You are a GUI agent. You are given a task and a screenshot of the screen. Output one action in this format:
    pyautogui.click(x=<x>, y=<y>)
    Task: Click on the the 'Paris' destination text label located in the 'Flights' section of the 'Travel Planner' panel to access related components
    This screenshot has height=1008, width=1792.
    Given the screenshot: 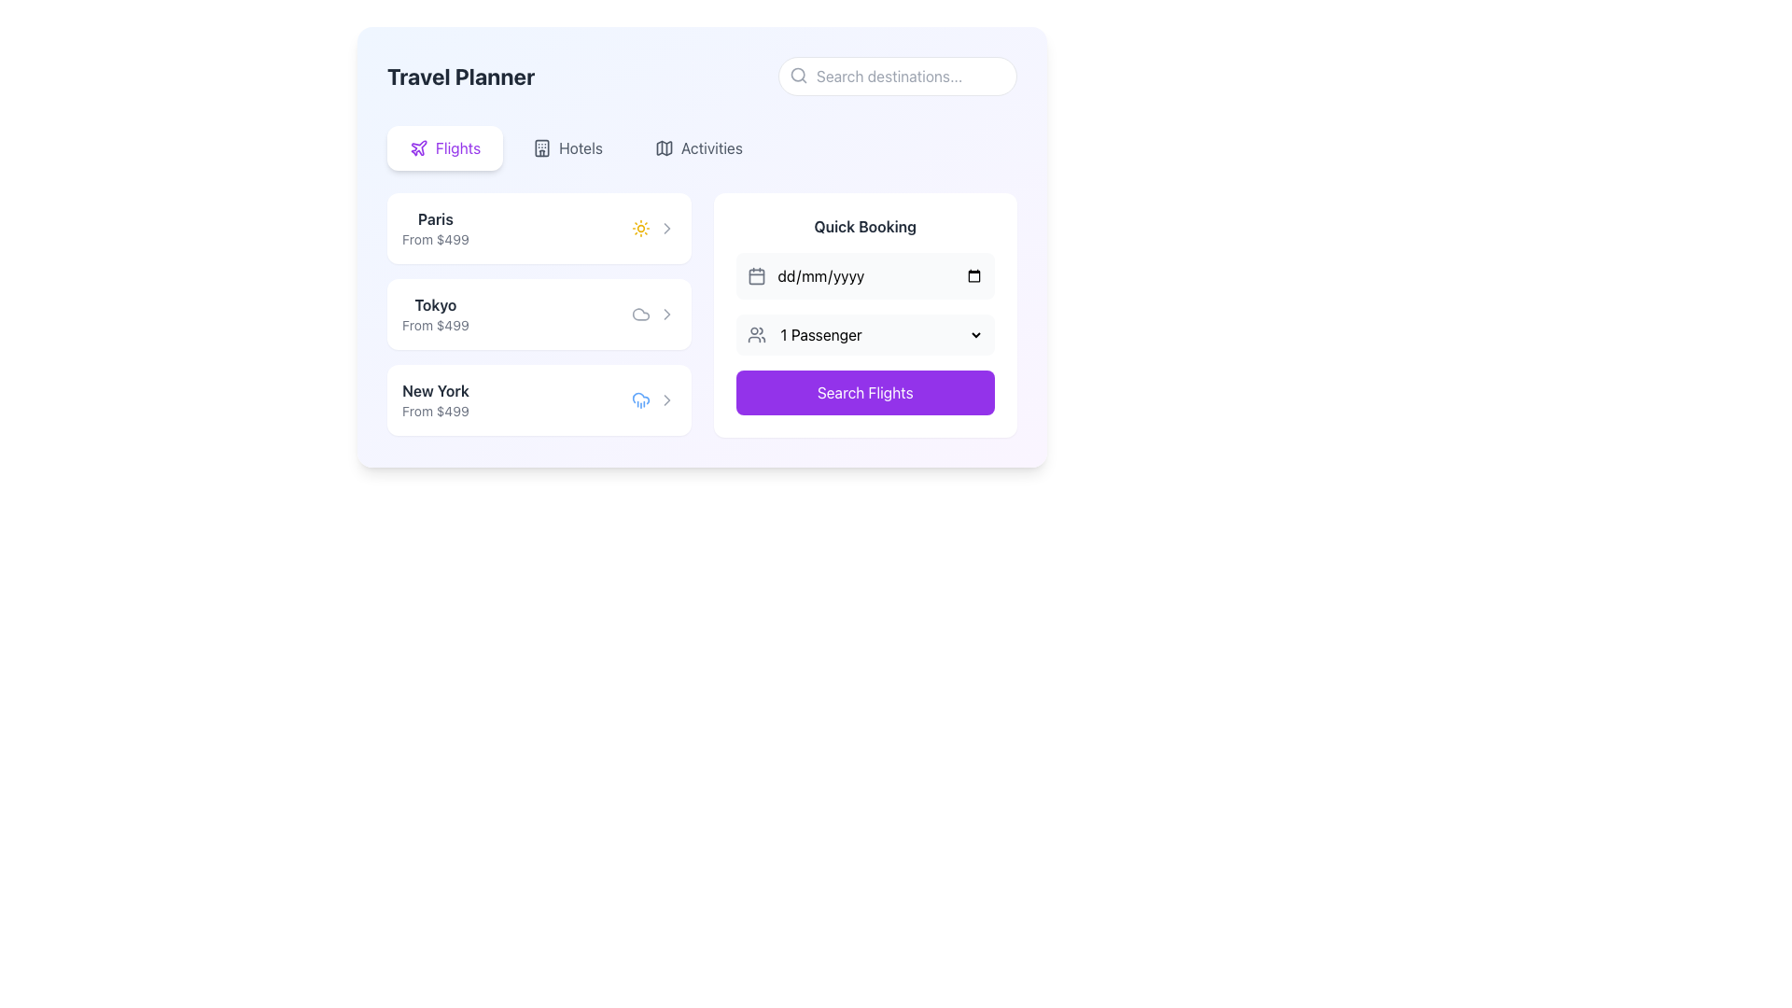 What is the action you would take?
    pyautogui.click(x=434, y=218)
    